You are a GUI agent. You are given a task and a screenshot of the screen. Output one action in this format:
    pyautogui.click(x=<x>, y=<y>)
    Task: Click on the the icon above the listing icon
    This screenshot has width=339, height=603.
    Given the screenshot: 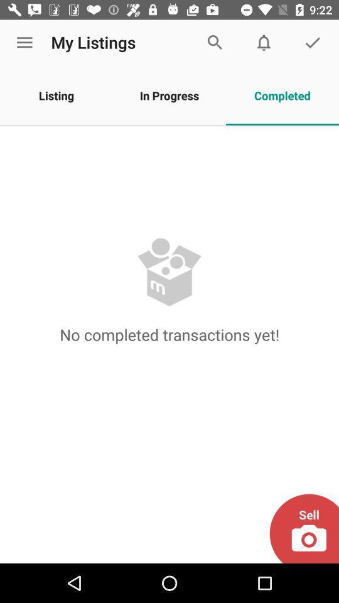 What is the action you would take?
    pyautogui.click(x=24, y=43)
    